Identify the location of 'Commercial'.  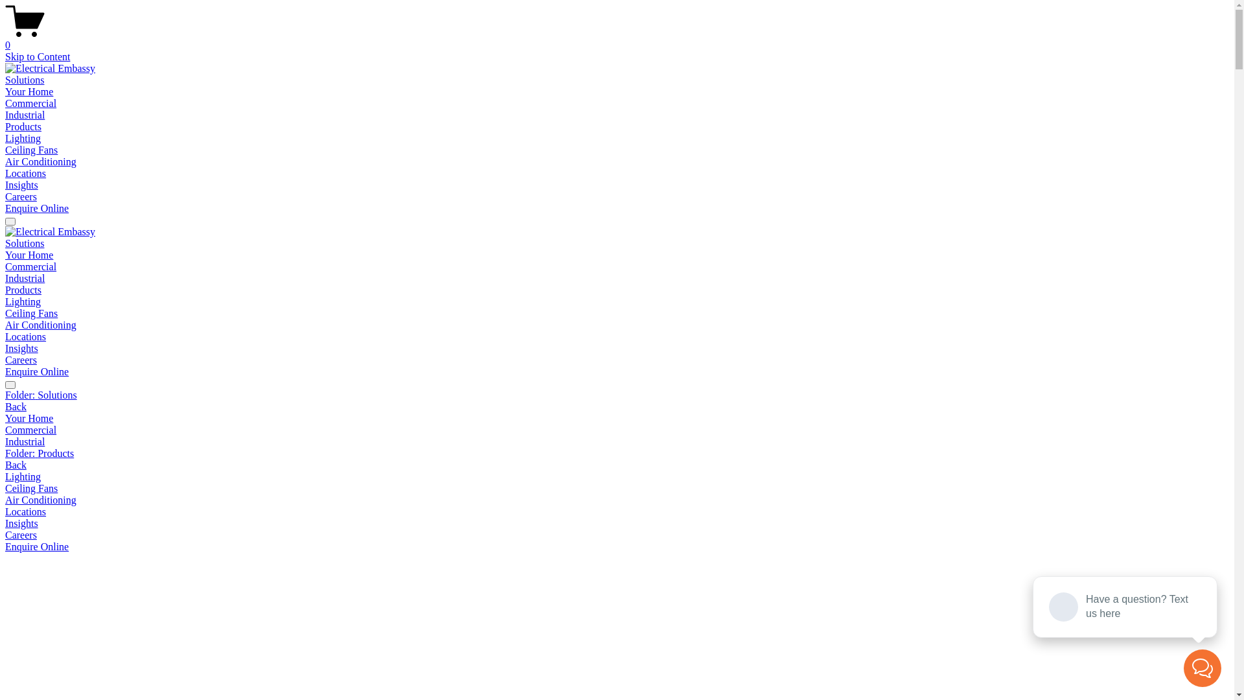
(30, 266).